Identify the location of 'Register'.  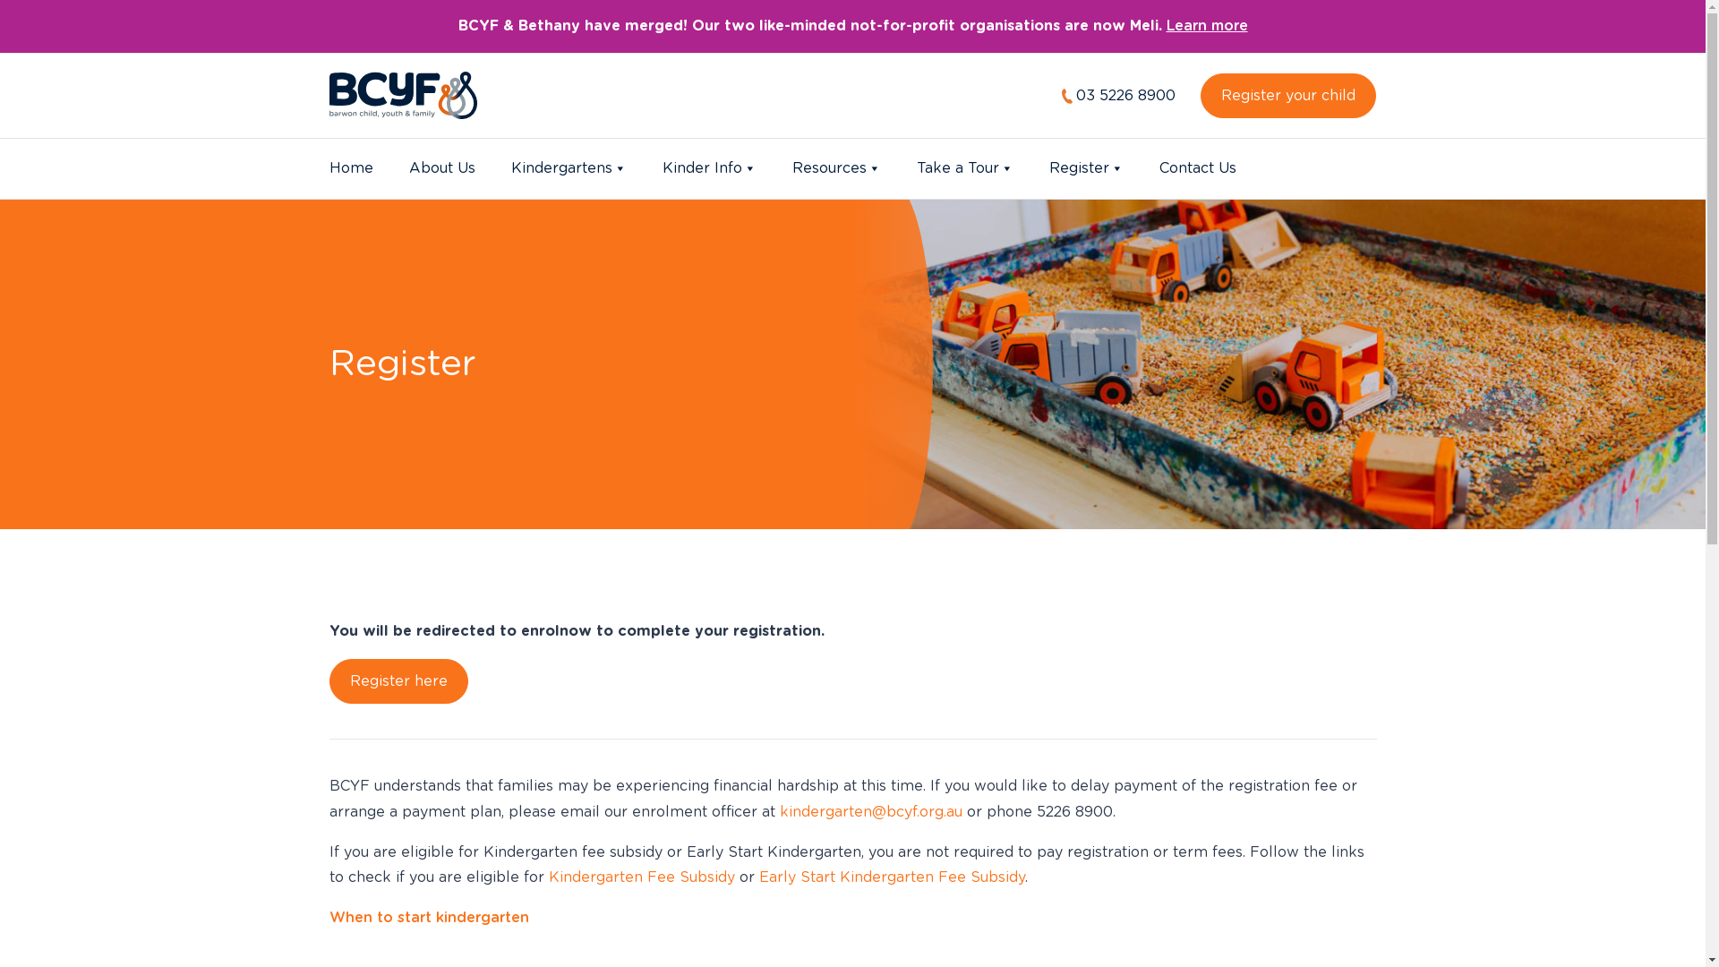
(1085, 168).